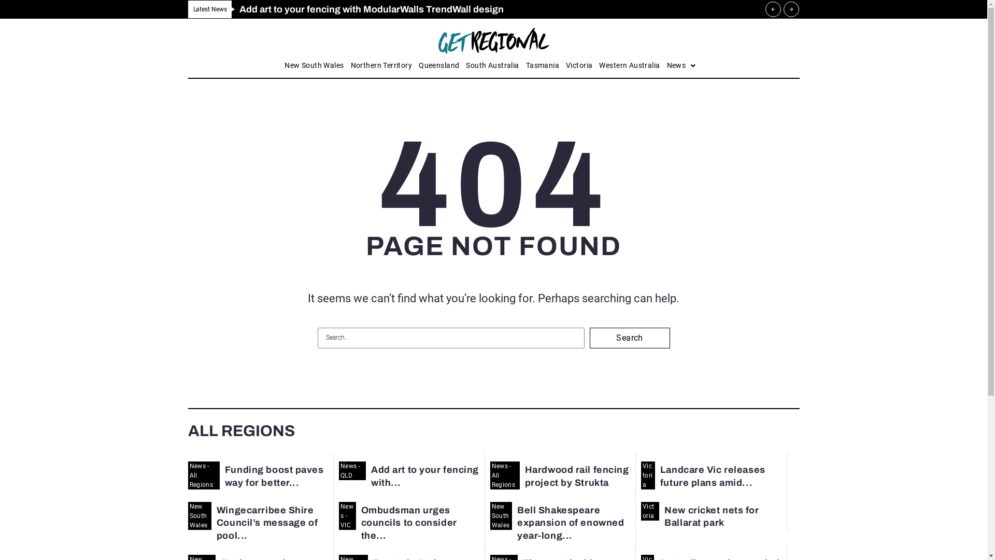  Describe the element at coordinates (681, 65) in the screenshot. I see `'News'` at that location.